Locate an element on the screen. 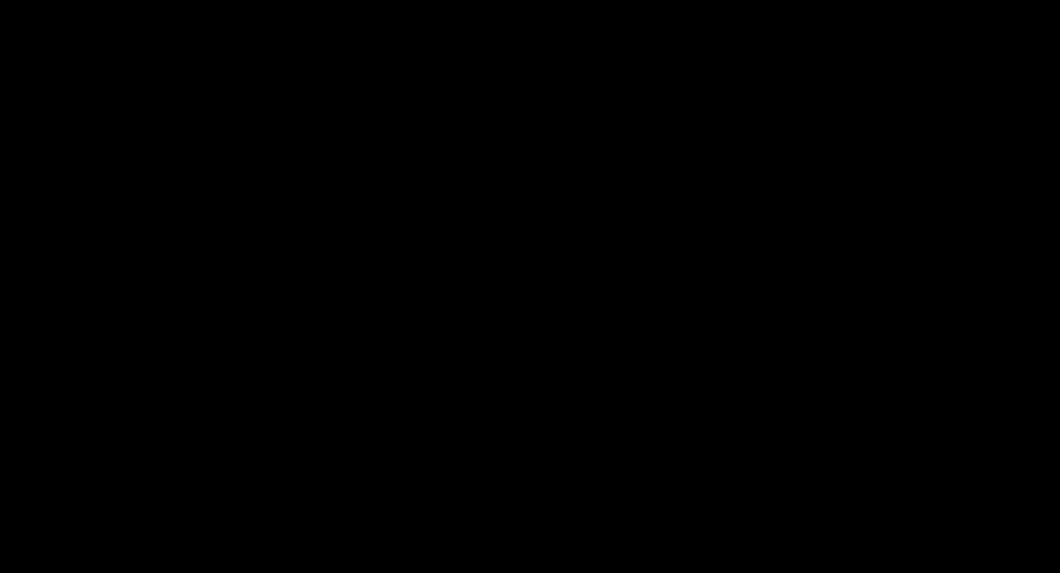  'UPDATE (22' is located at coordinates (375, 84).